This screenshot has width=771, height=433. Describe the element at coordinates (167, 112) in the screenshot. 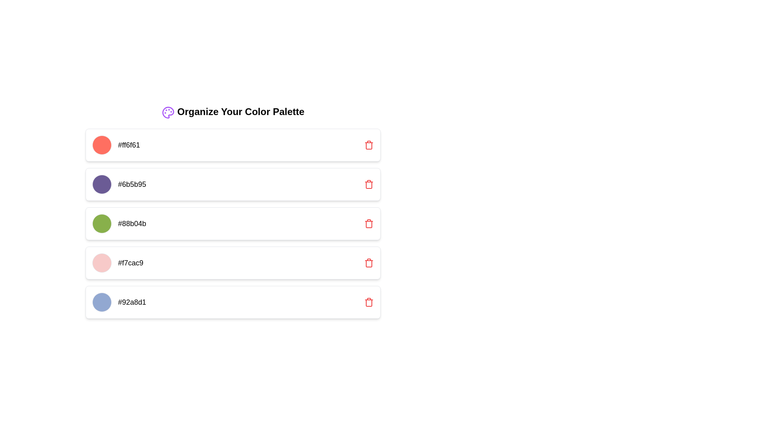

I see `the decorative and identifying icon located to the left of the text 'Organize Your Color Palette'` at that location.